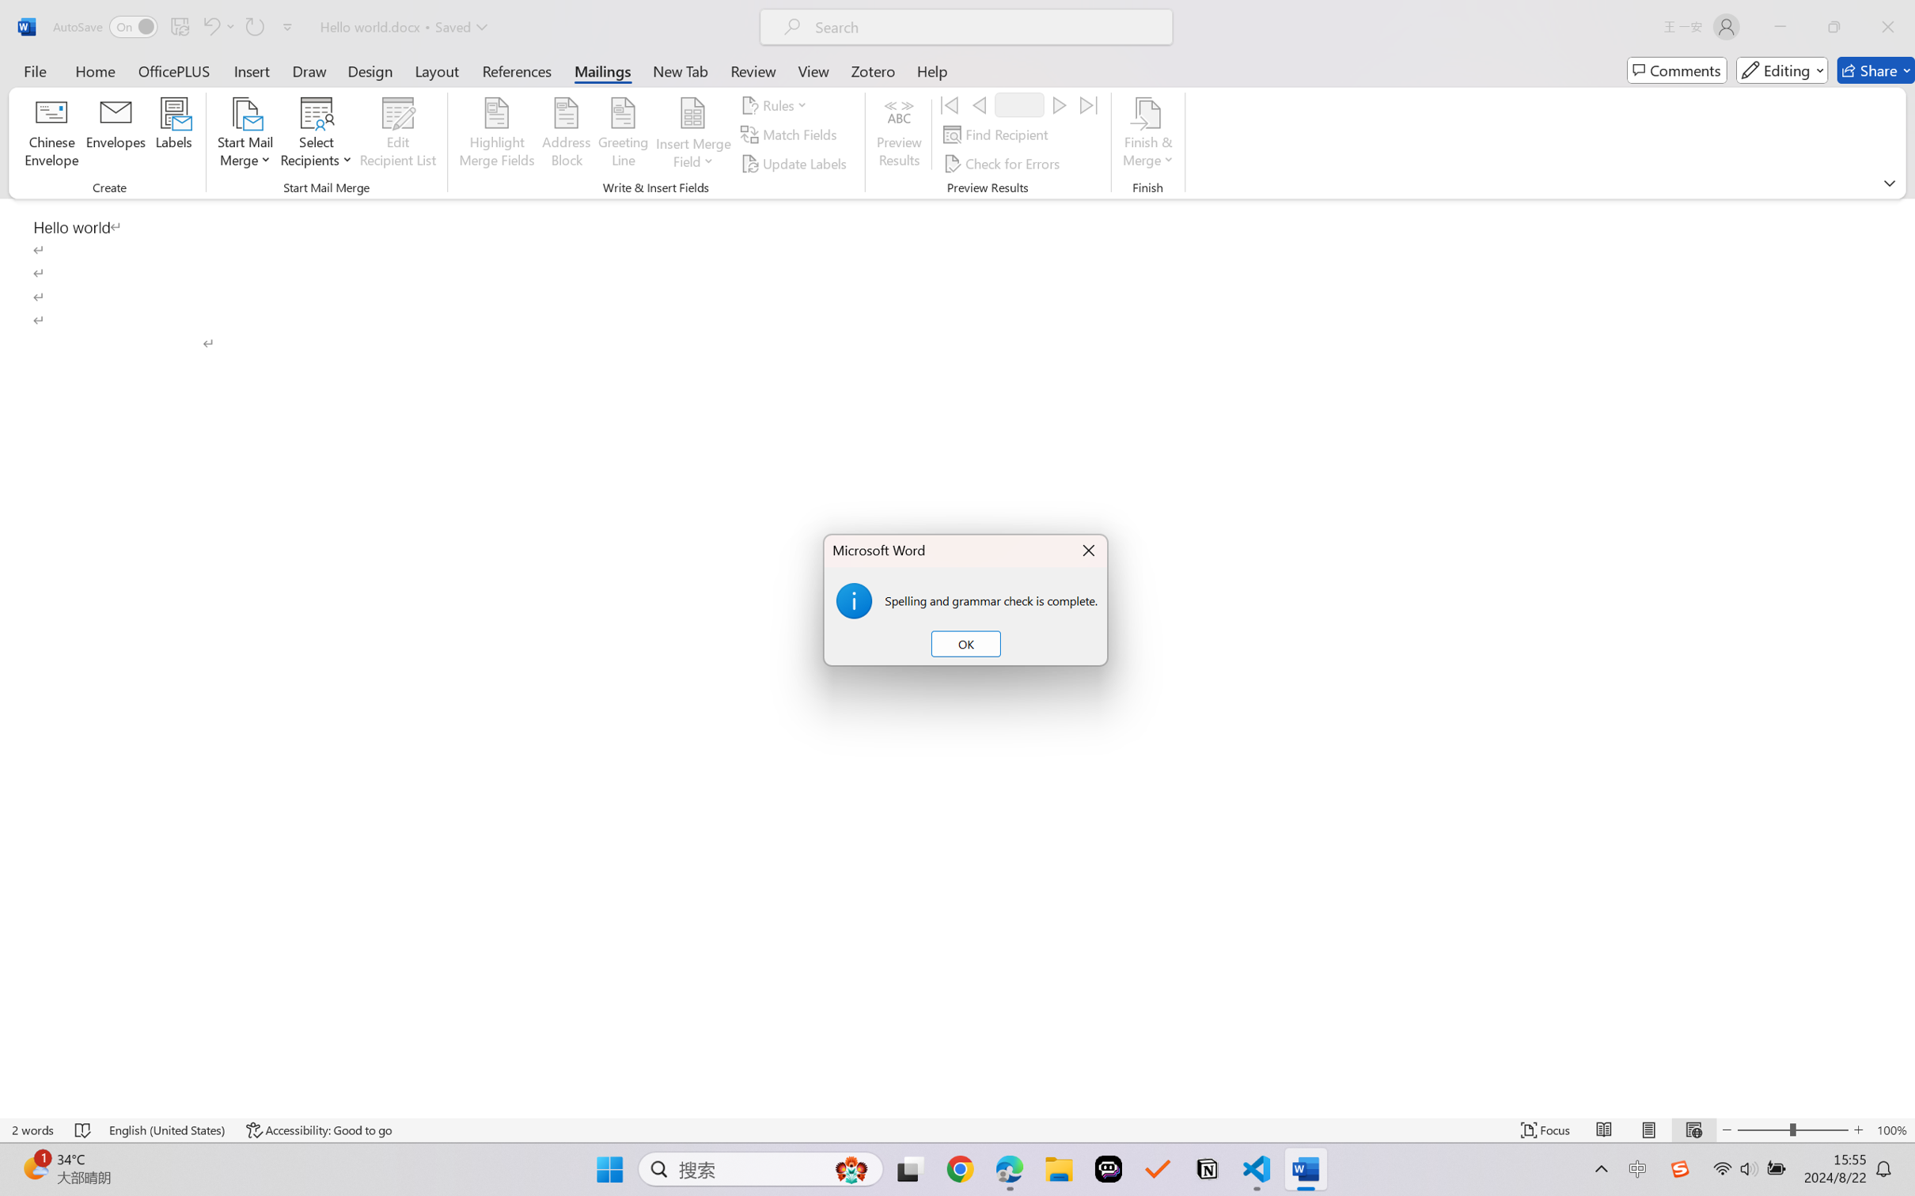 This screenshot has width=1915, height=1196. Describe the element at coordinates (1108, 1169) in the screenshot. I see `'Poe'` at that location.